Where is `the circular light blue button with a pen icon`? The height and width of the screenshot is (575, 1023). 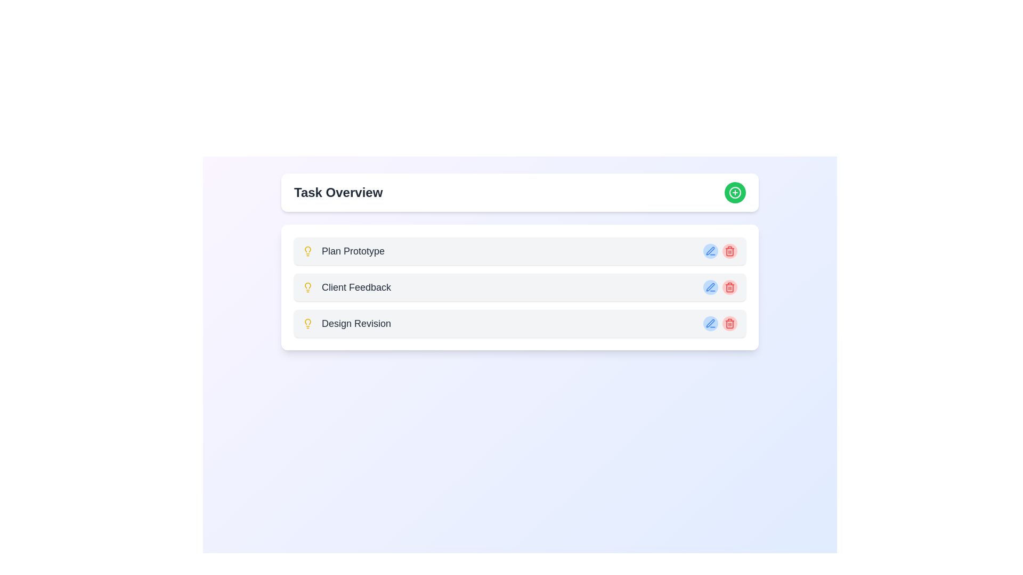
the circular light blue button with a pen icon is located at coordinates (711, 251).